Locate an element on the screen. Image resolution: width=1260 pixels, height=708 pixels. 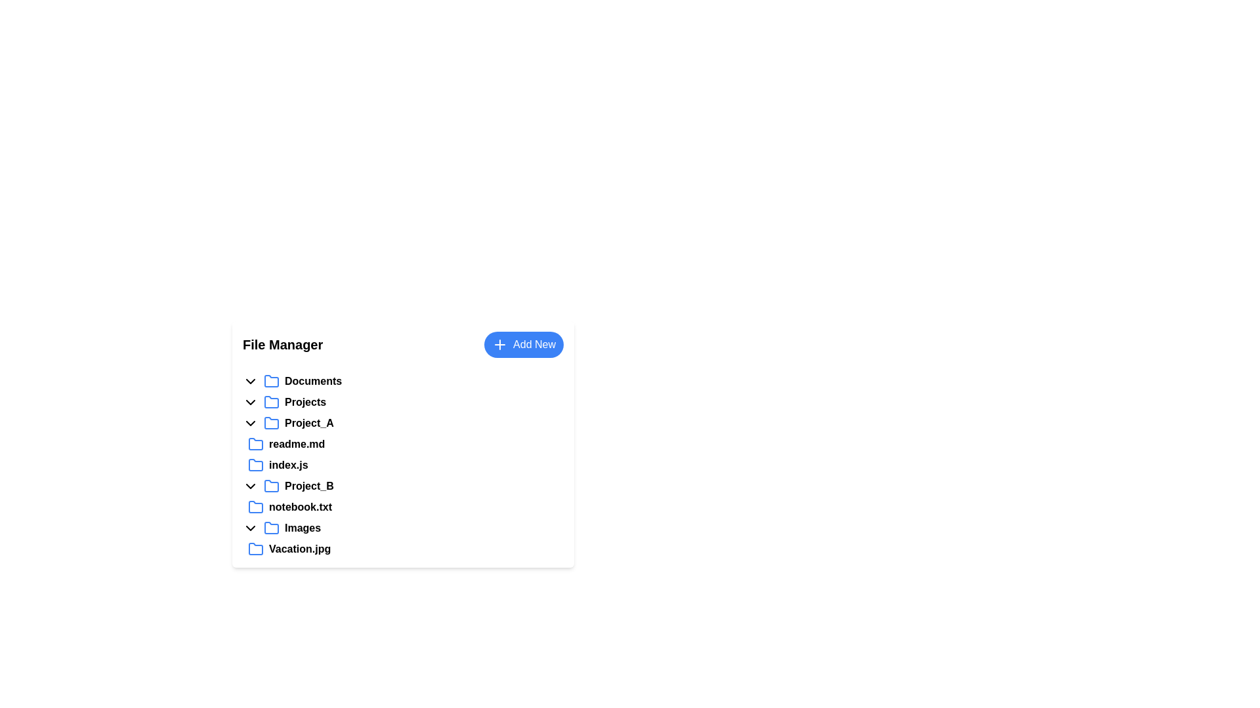
circular blue icon with a white plus sign located to the left of the 'Add New' text in the top-right corner button of the file manager is located at coordinates (499, 344).